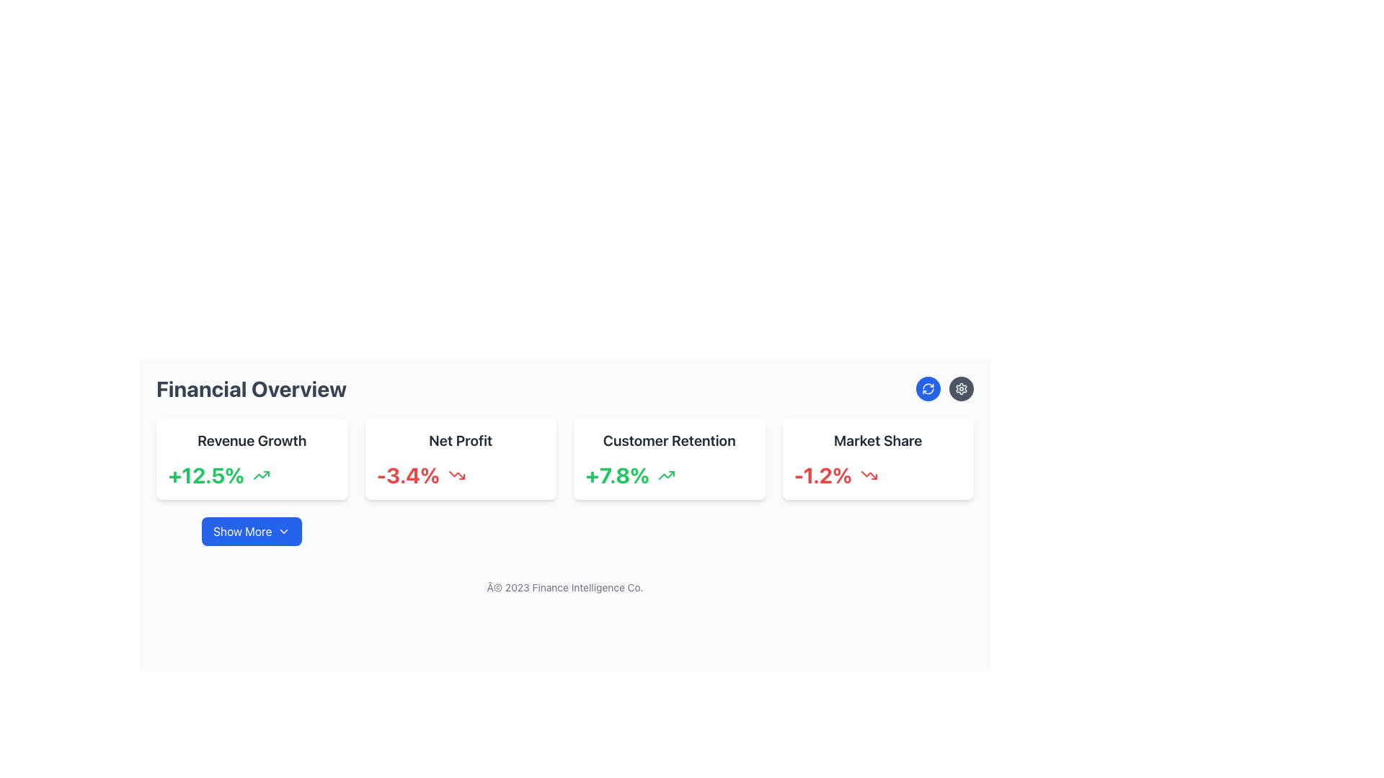  Describe the element at coordinates (928, 389) in the screenshot. I see `the refresh button located in the right corner of the layout to reload the content` at that location.